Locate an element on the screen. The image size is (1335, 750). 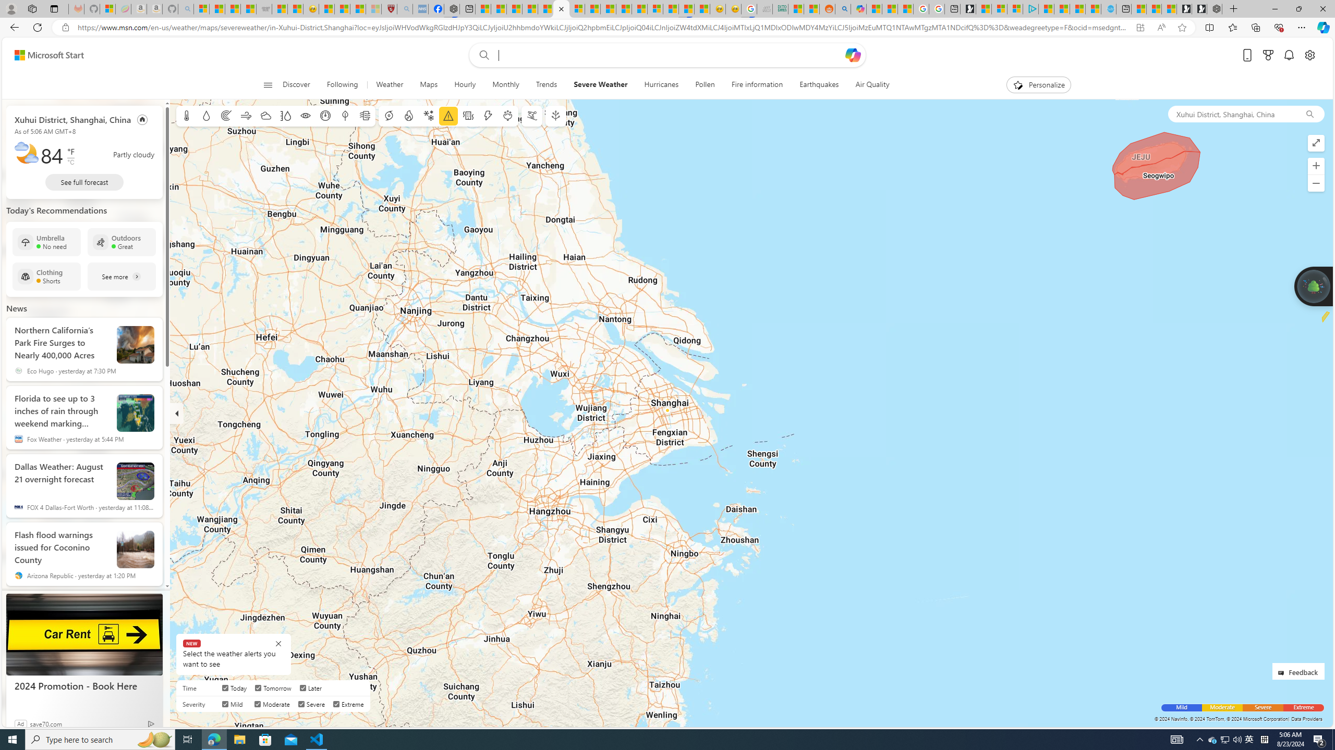
'See full forecast' is located at coordinates (84, 181).